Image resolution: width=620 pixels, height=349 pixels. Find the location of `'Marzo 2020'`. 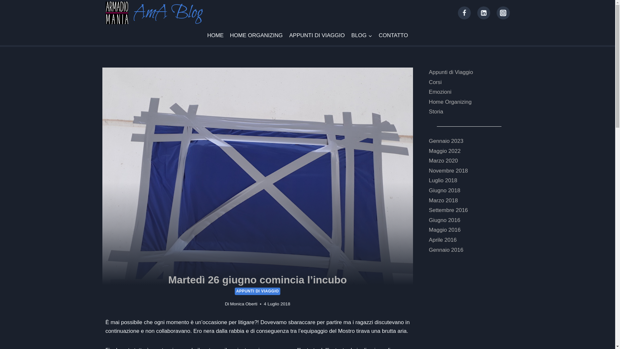

'Marzo 2020' is located at coordinates (443, 160).